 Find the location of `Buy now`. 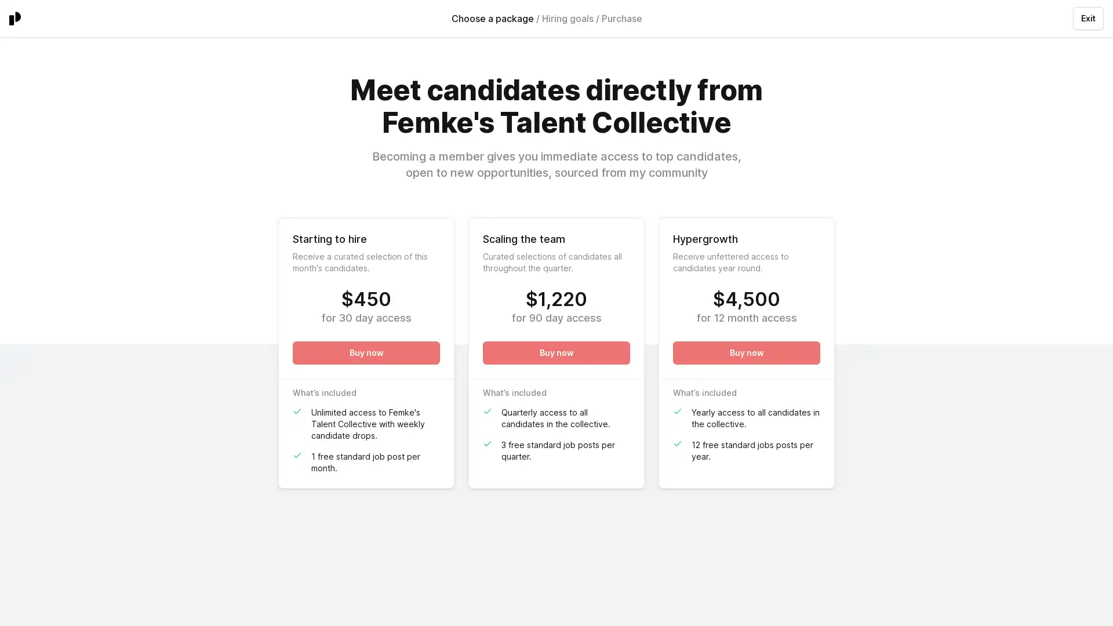

Buy now is located at coordinates (366, 352).